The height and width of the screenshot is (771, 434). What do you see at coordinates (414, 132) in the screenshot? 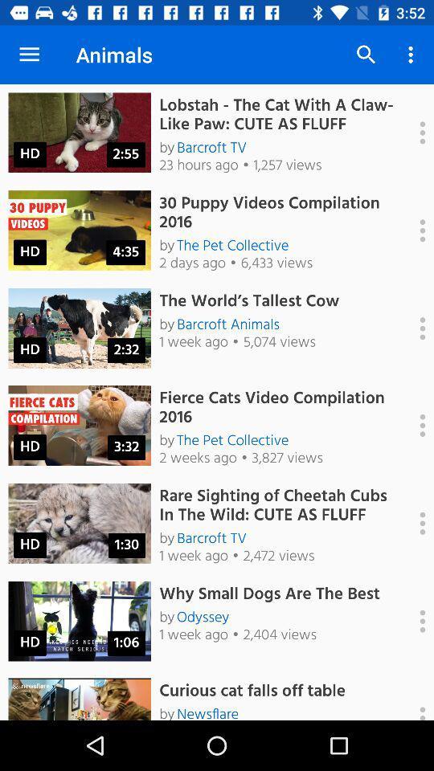
I see `page actions` at bounding box center [414, 132].